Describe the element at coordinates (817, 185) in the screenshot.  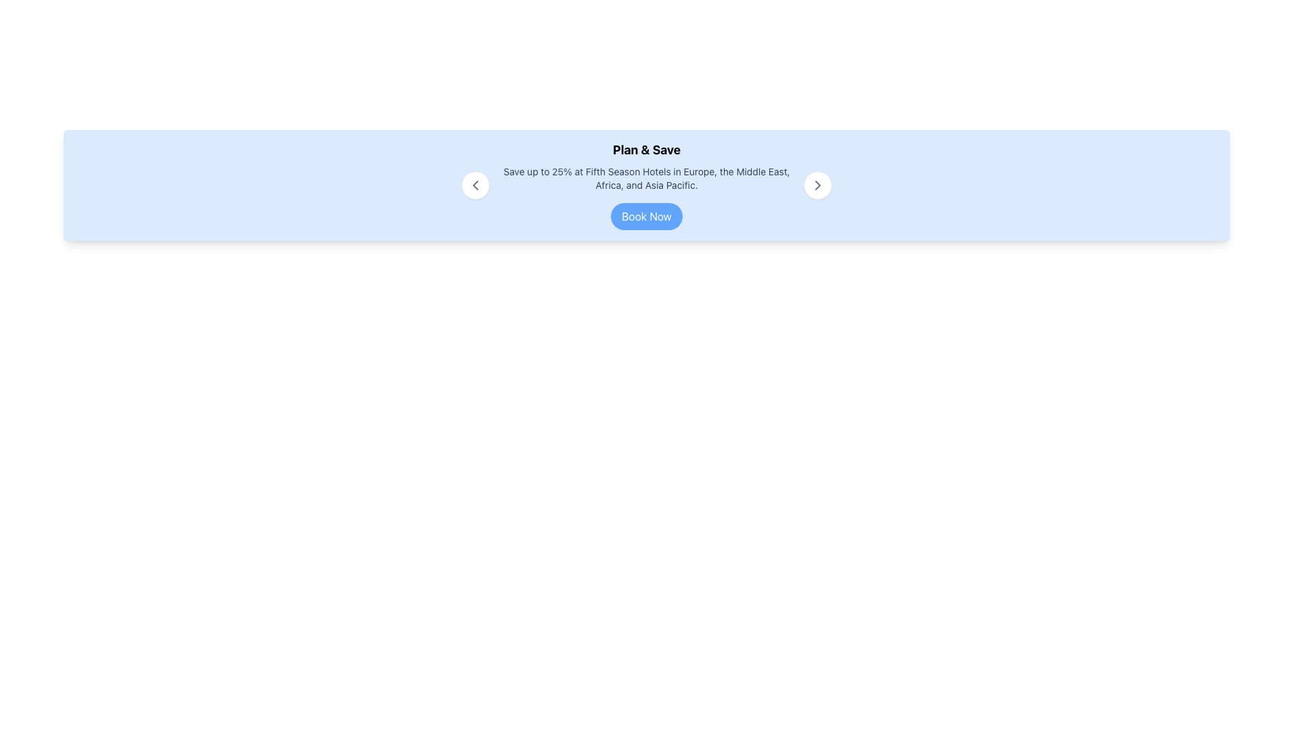
I see `the right-pointing chevron icon in the blue banner, which indicates forward navigation and is styled with a thin outlined design within a white circular background` at that location.